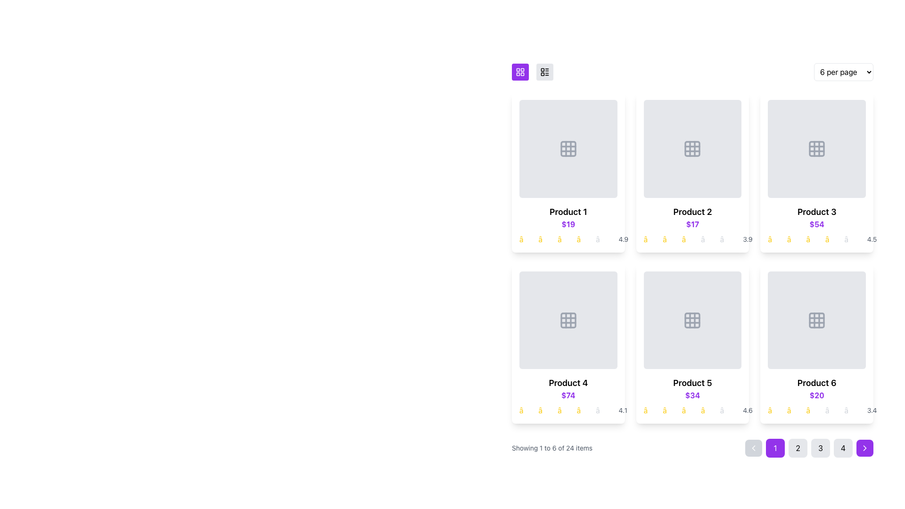 This screenshot has width=905, height=509. I want to click on rating text labeled '3.4' that appears in gray color immediately after the stars in the rating row of the sixth product card, so click(872, 410).